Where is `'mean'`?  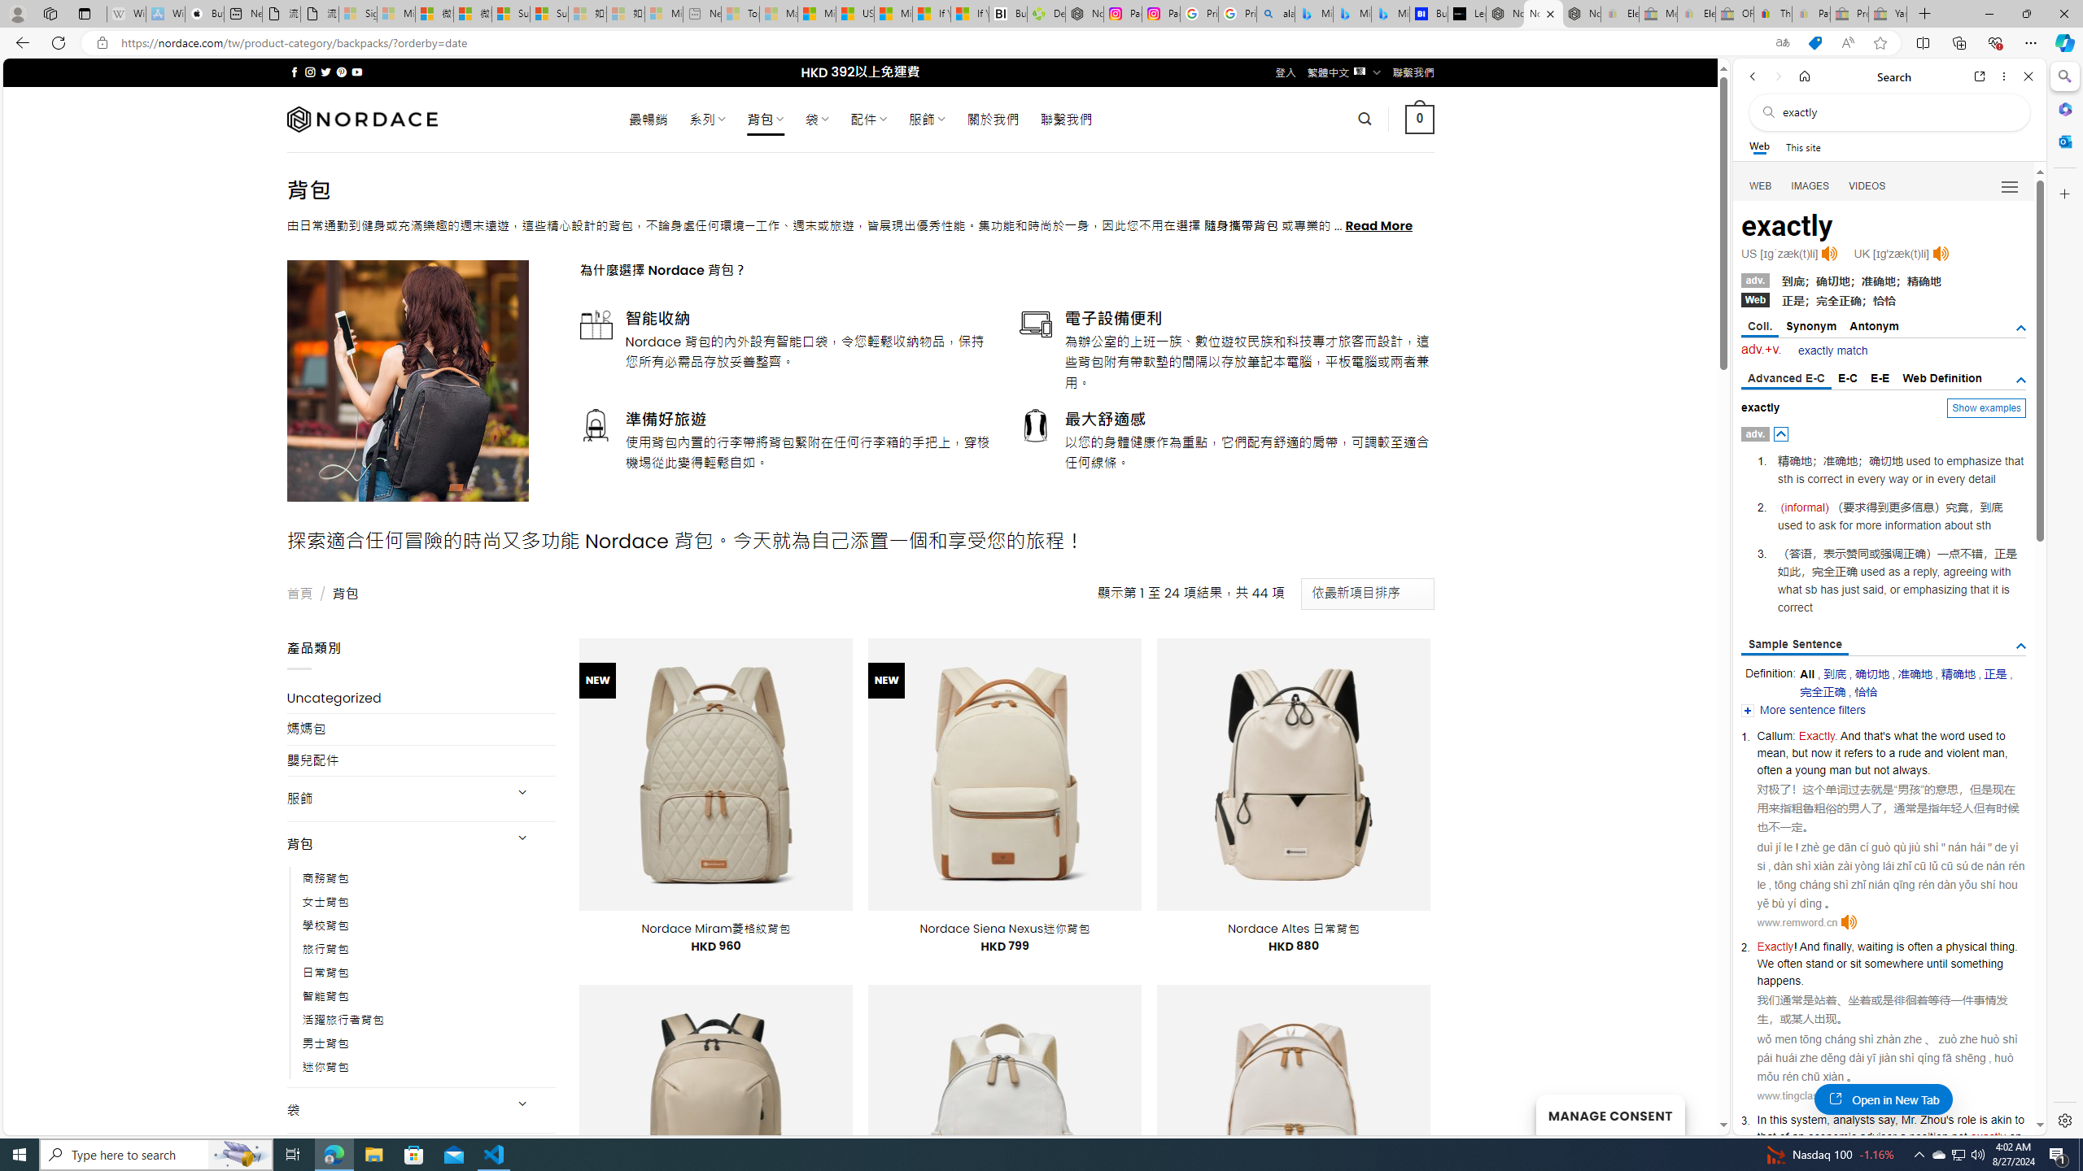
'mean' is located at coordinates (1771, 753).